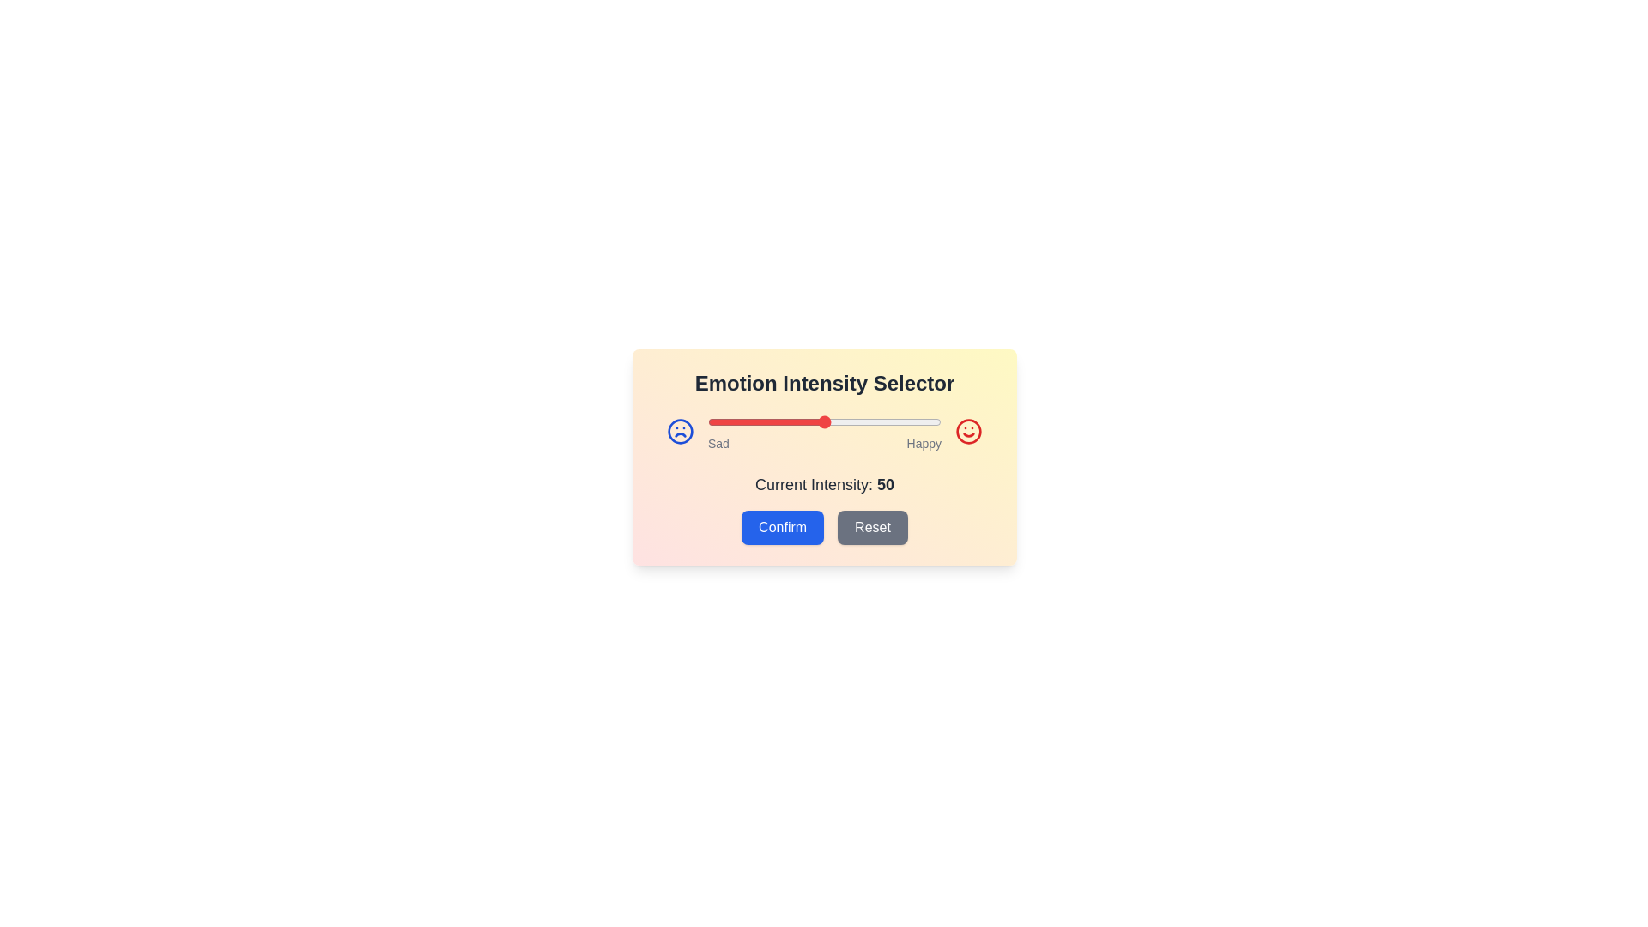 This screenshot has height=927, width=1648. What do you see at coordinates (968, 430) in the screenshot?
I see `the Happy Icon element to observe visual feedback` at bounding box center [968, 430].